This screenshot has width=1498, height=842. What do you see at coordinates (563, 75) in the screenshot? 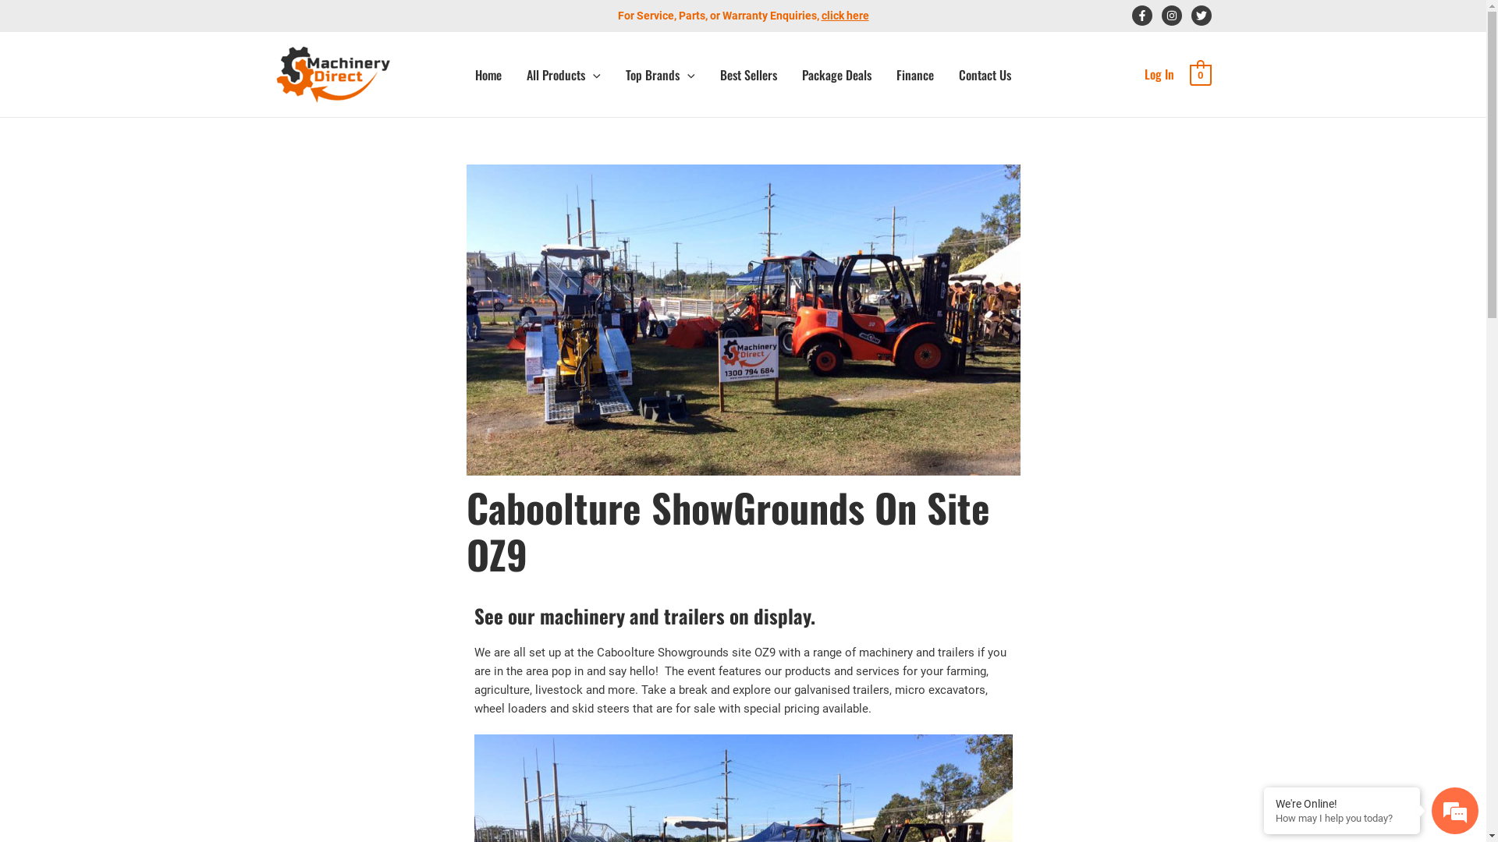
I see `'All Products'` at bounding box center [563, 75].